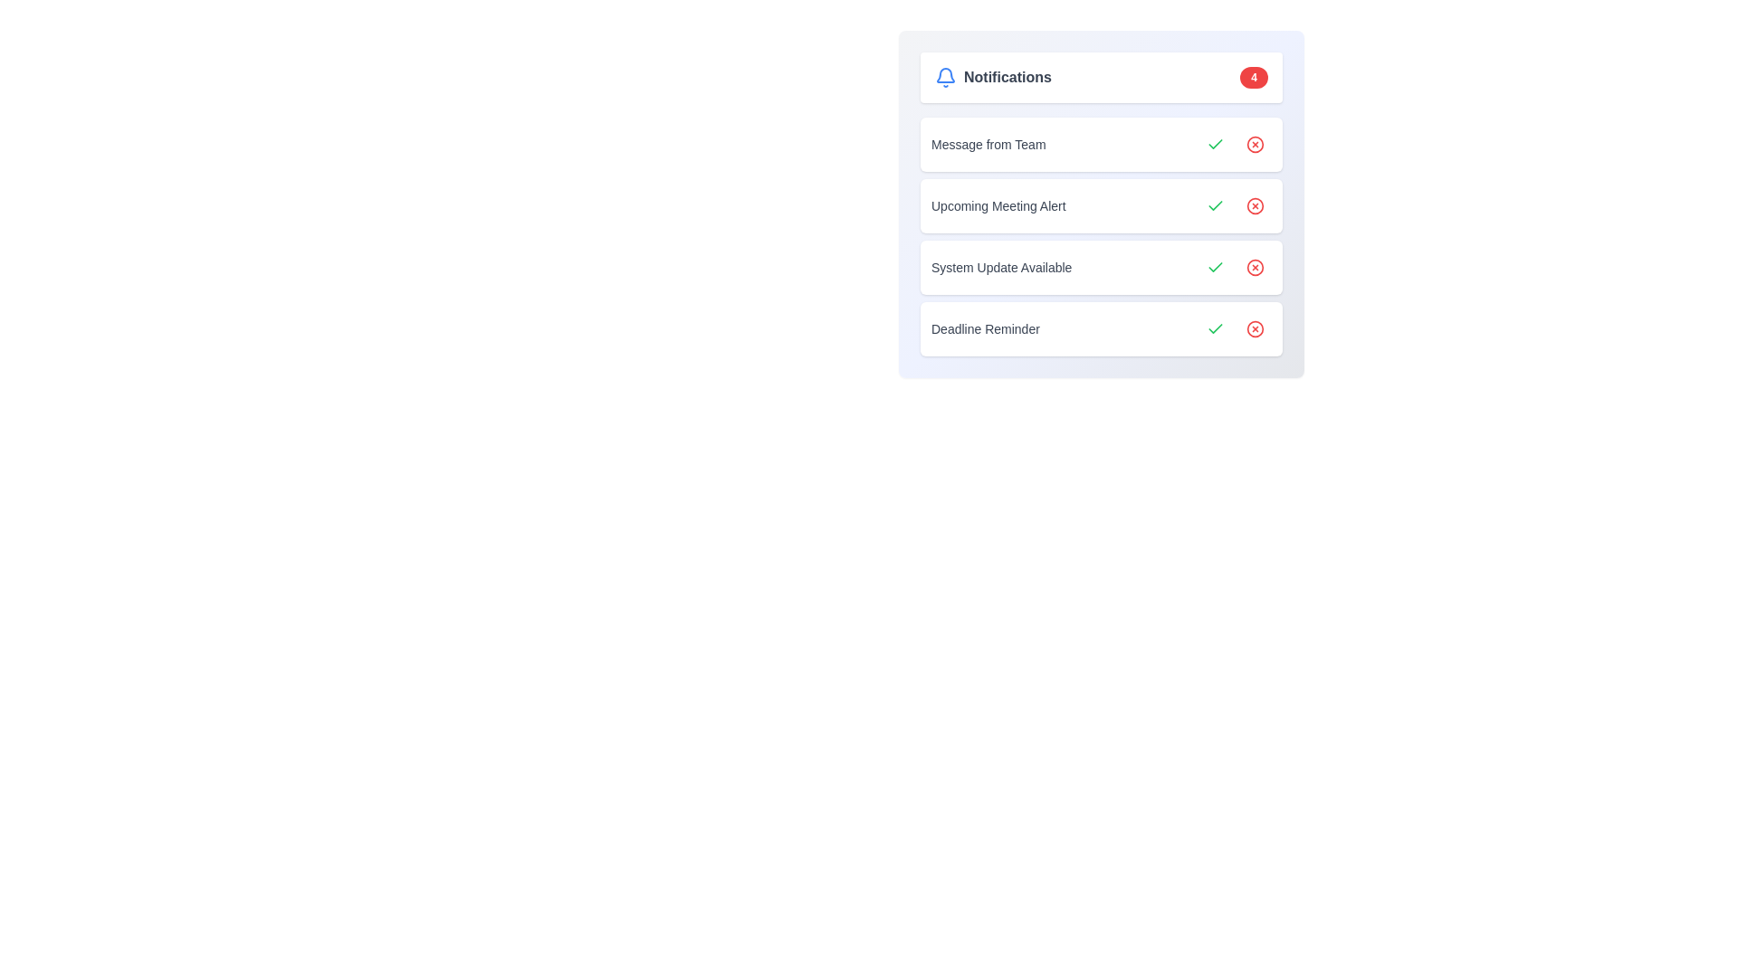 This screenshot has height=977, width=1738. What do you see at coordinates (1255, 143) in the screenshot?
I see `the button styled as an icon` at bounding box center [1255, 143].